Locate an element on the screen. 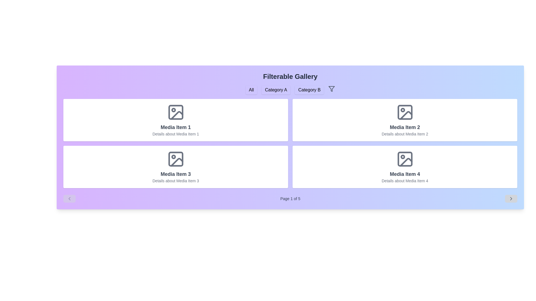  information displayed in the text of the second text item within the card component for 'Media Item 1', which is positioned below the title text is located at coordinates (175, 134).